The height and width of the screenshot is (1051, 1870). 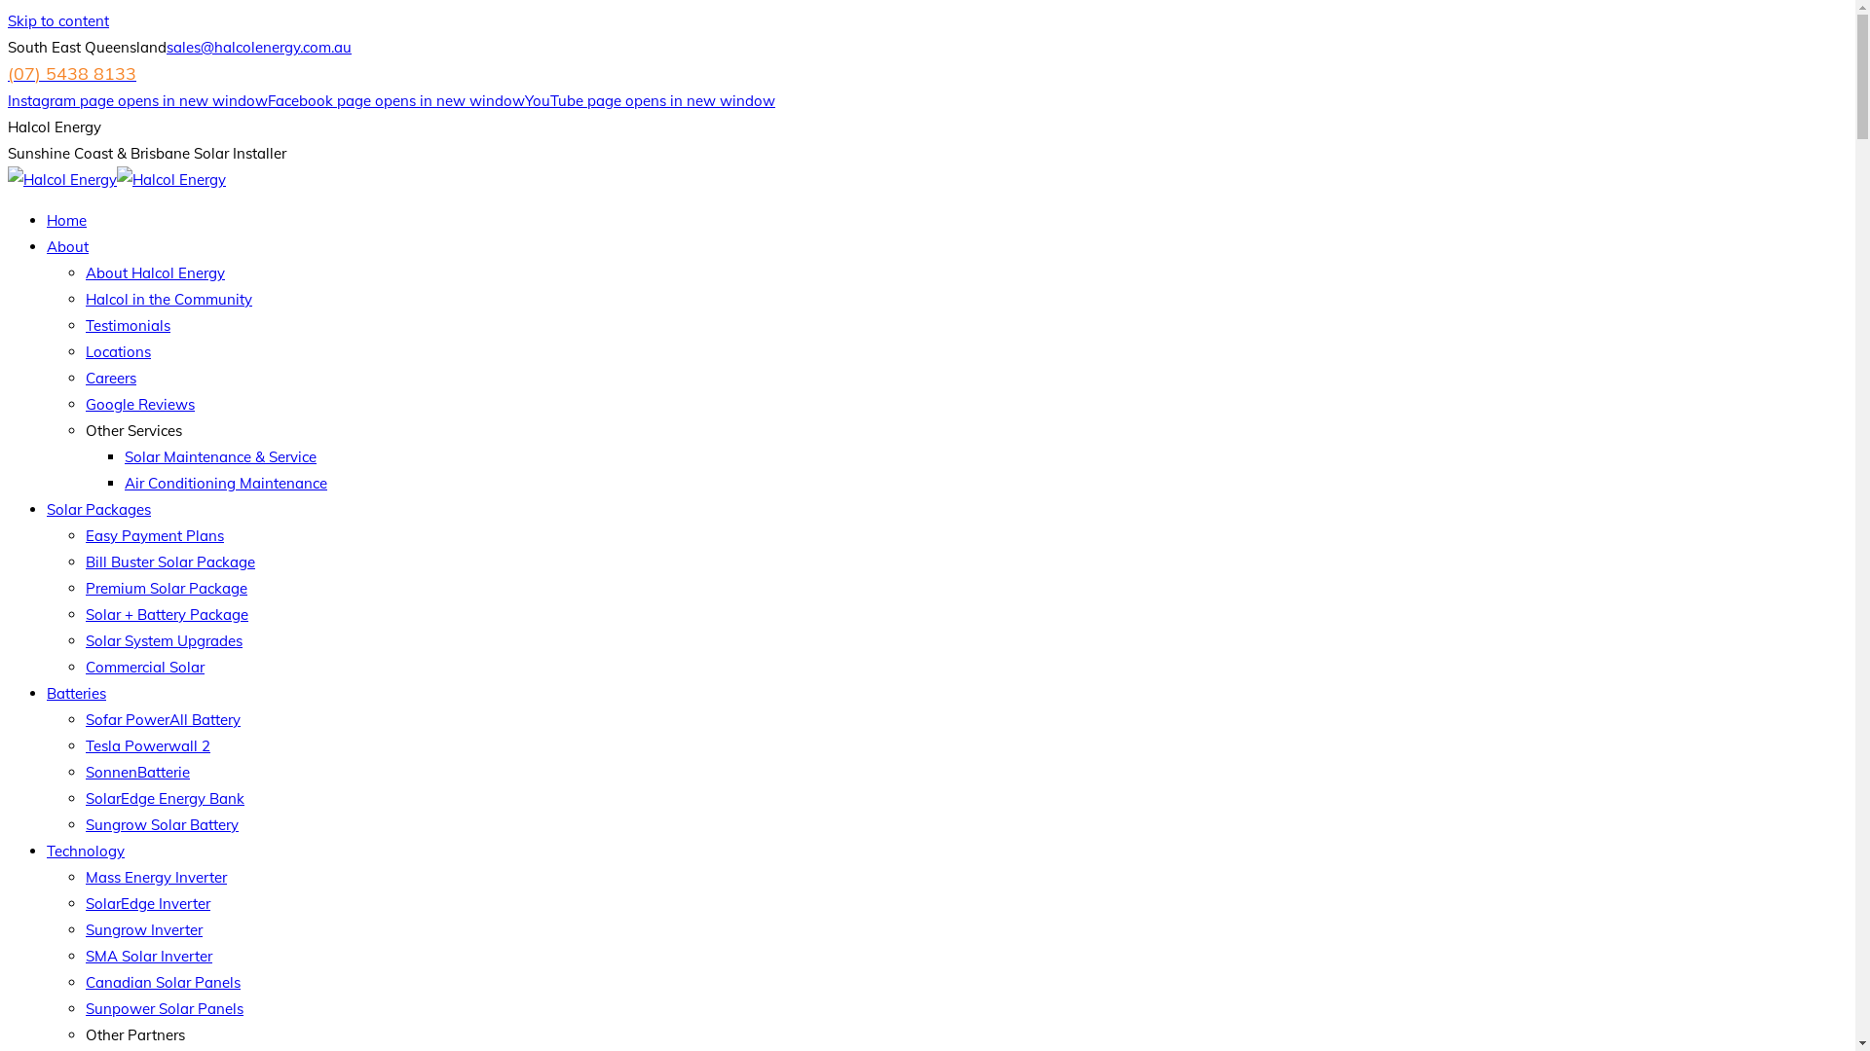 I want to click on 'Locations', so click(x=117, y=351).